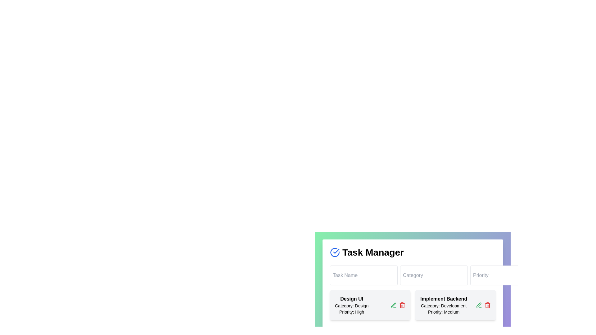 The width and height of the screenshot is (596, 335). I want to click on the SVG icon representing the trash bin, so click(487, 305).